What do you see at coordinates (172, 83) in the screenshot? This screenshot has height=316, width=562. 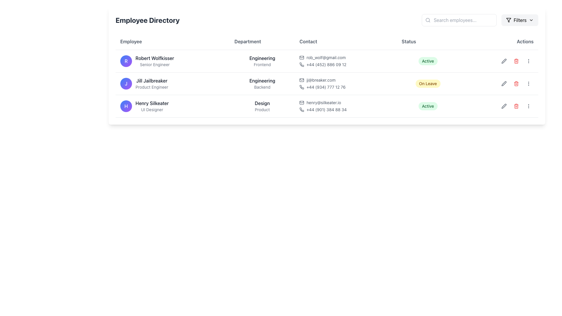 I see `the employee list item displaying initials and role, located in the second row of the 'Employee Directory' under the 'Employee' column, between 'Robert Wolfkisser' and 'Henry Silkeater'` at bounding box center [172, 83].